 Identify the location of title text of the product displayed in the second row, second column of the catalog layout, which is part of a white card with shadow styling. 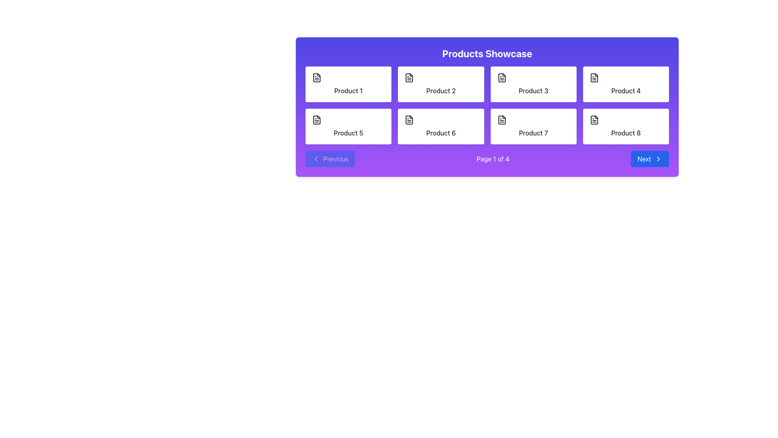
(533, 90).